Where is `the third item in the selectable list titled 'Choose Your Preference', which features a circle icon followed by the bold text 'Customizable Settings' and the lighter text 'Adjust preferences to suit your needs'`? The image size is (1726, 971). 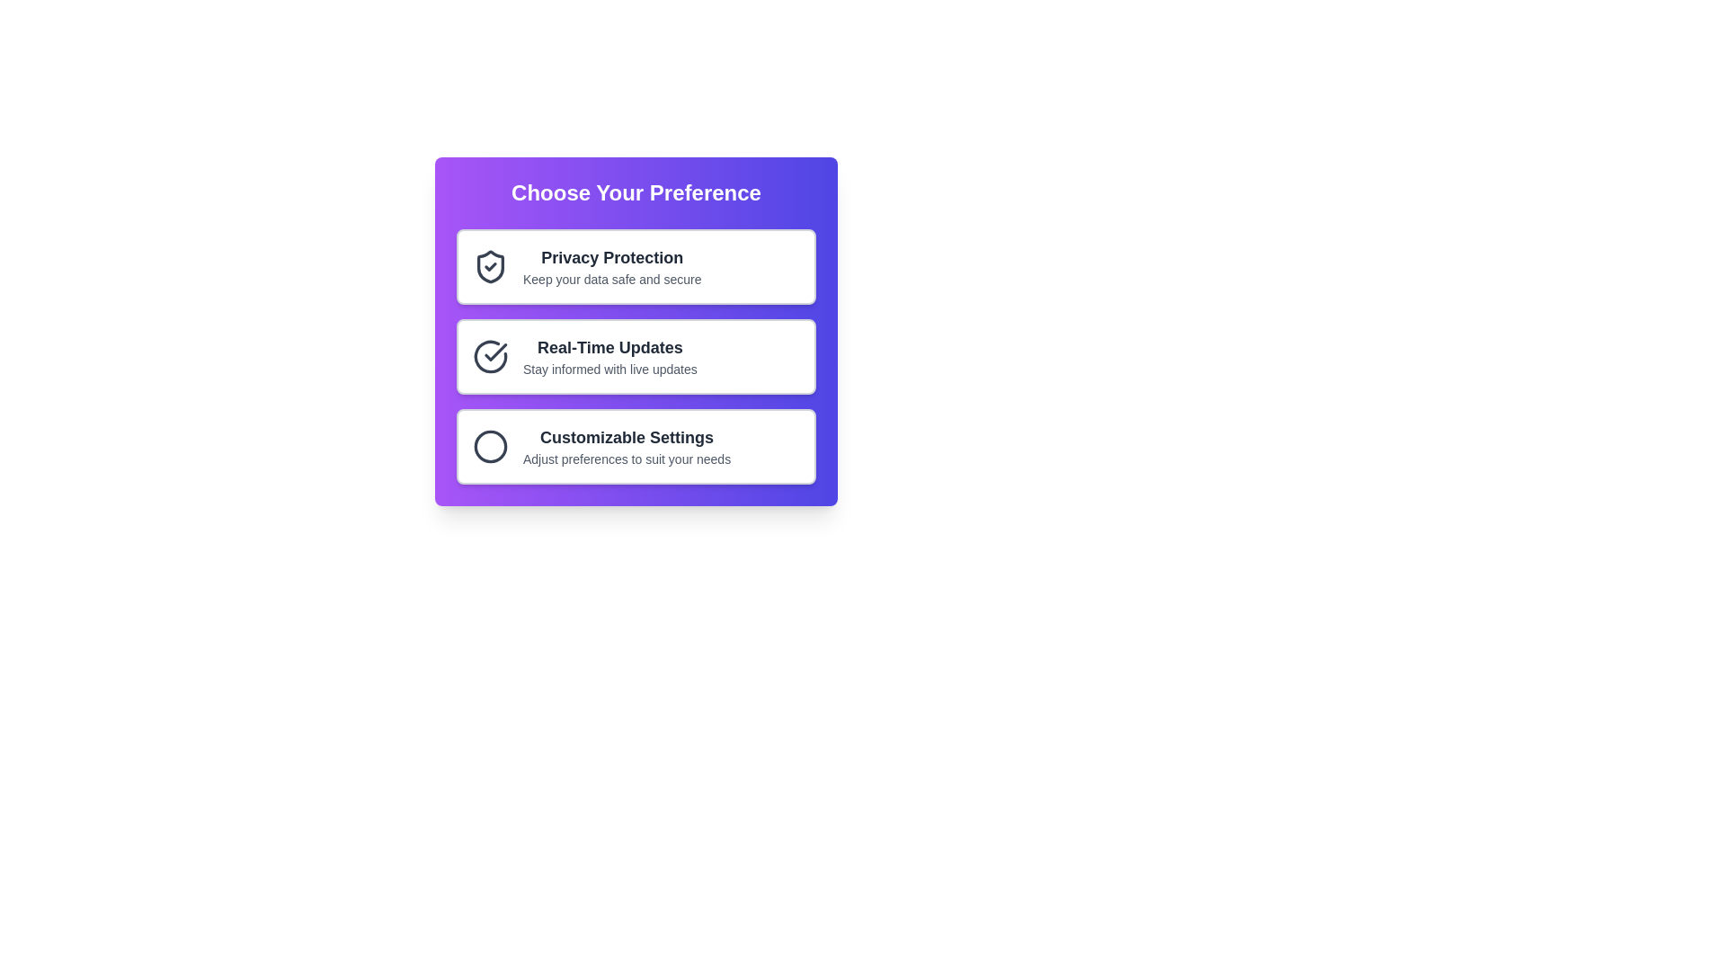
the third item in the selectable list titled 'Choose Your Preference', which features a circle icon followed by the bold text 'Customizable Settings' and the lighter text 'Adjust preferences to suit your needs' is located at coordinates (601, 446).